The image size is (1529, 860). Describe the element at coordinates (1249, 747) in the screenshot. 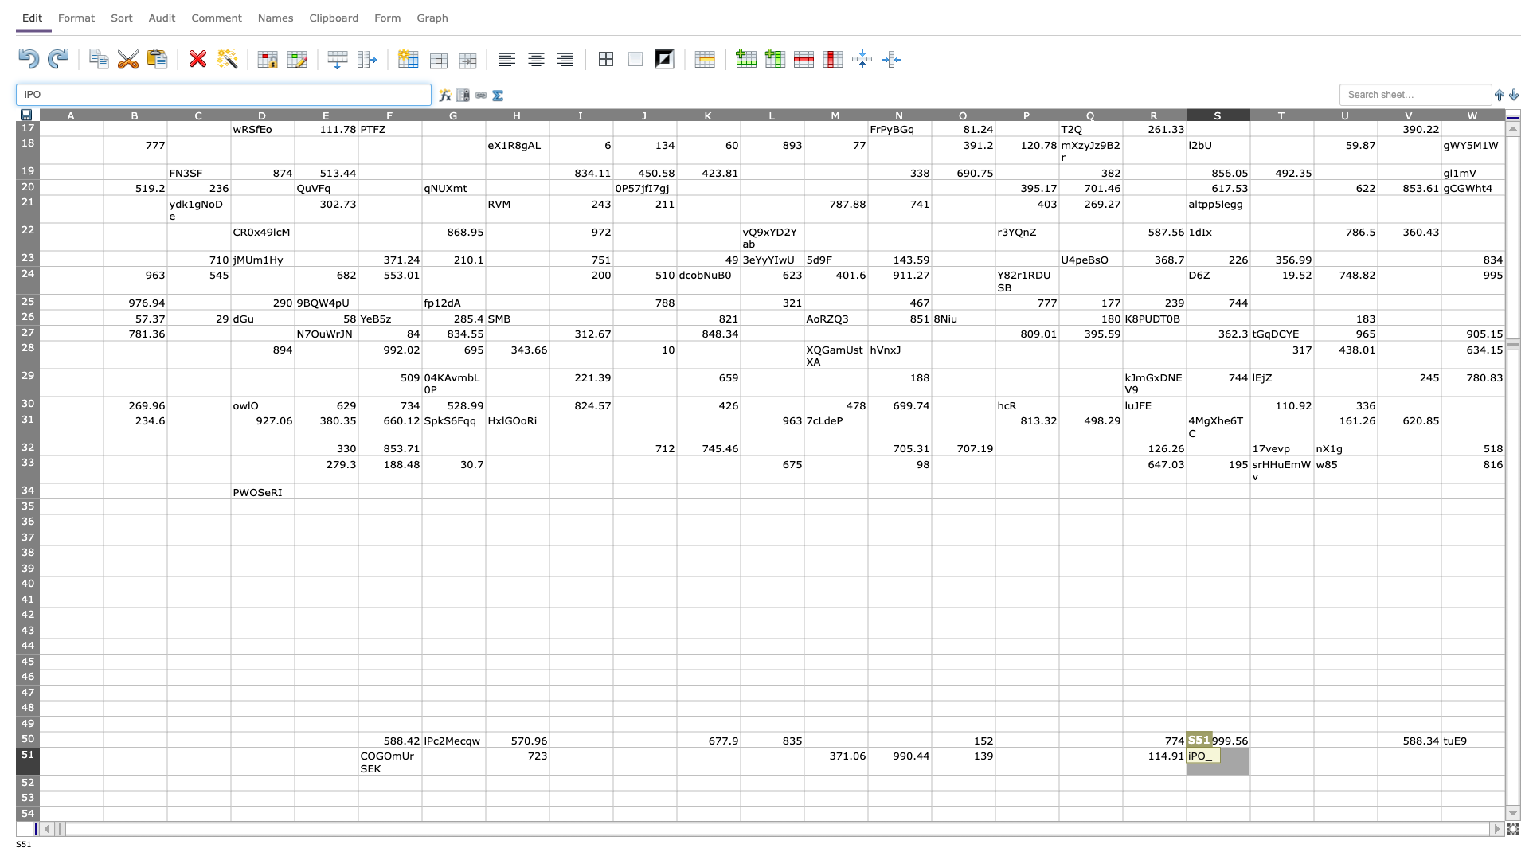

I see `top left corner of T51` at that location.